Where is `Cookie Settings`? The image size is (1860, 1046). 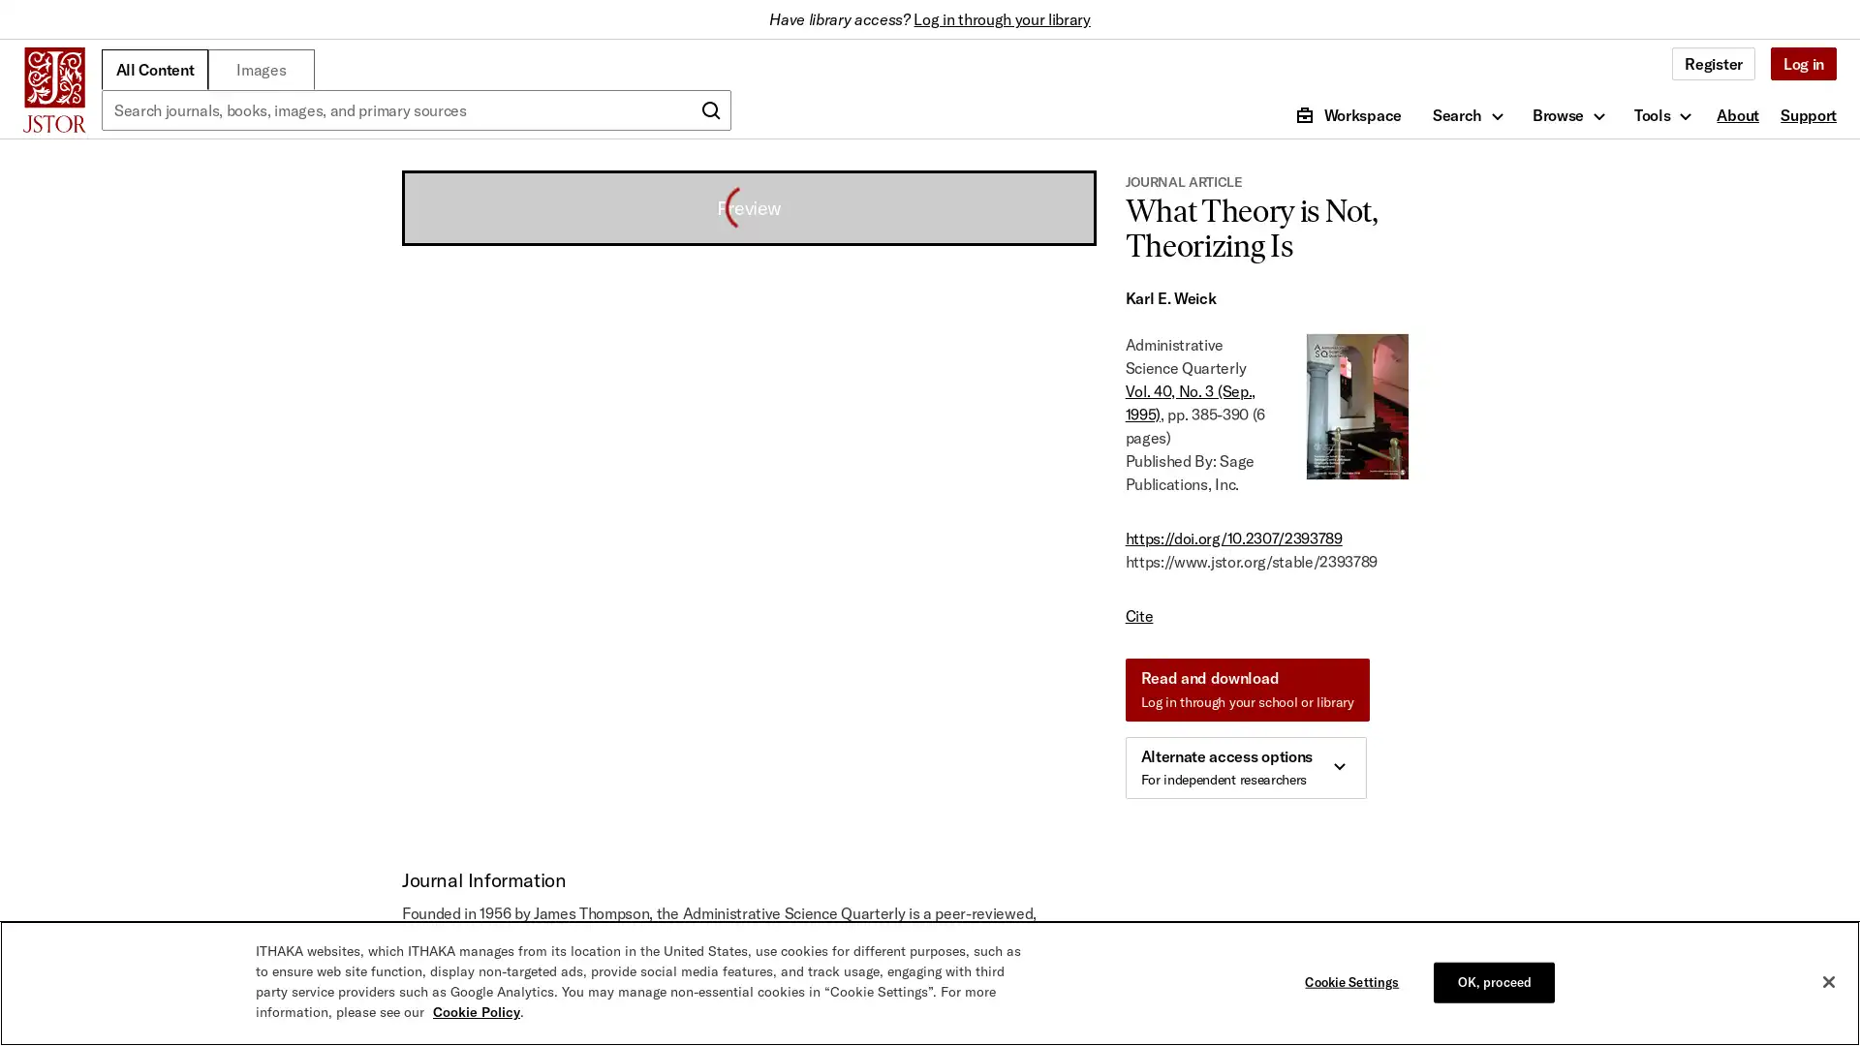 Cookie Settings is located at coordinates (1355, 982).